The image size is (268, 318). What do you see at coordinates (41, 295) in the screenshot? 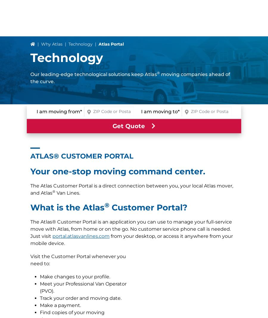
I see `'Careers'` at bounding box center [41, 295].